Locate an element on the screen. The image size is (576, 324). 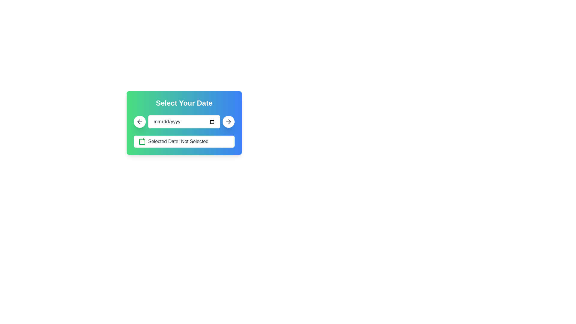
the arrow icon located in the top-right corner of the 'Select Your Date' card is located at coordinates (229, 121).